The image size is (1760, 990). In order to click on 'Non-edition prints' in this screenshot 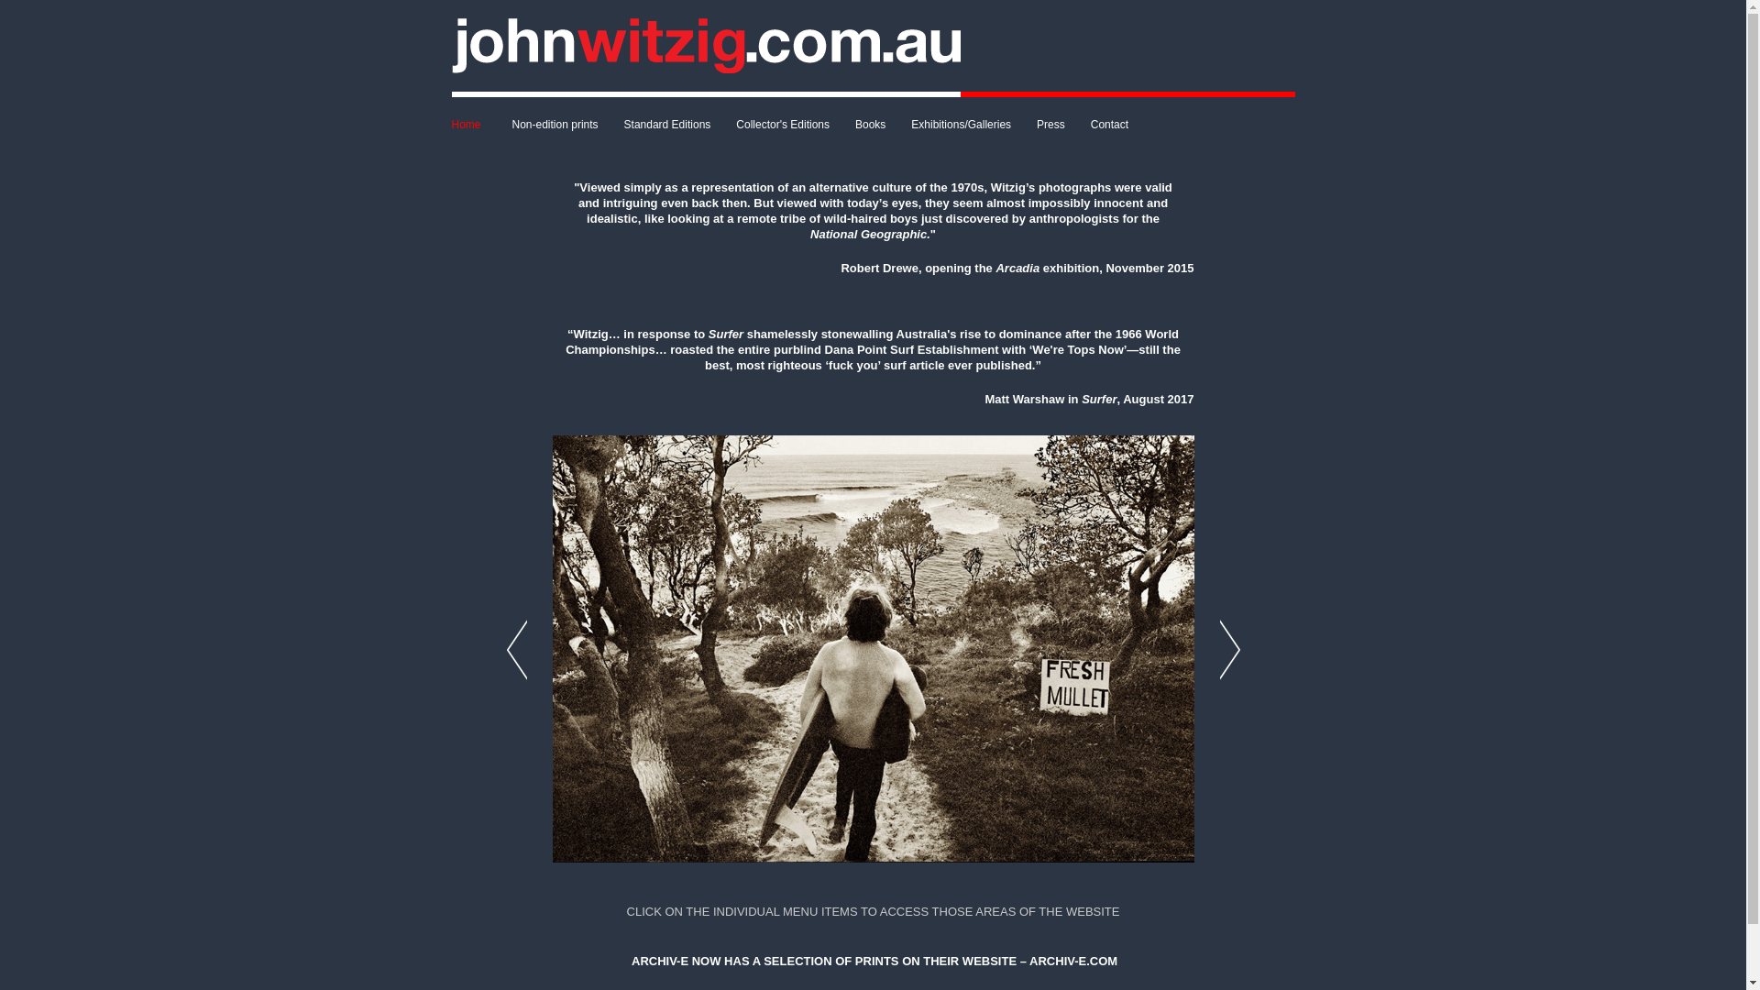, I will do `click(554, 124)`.